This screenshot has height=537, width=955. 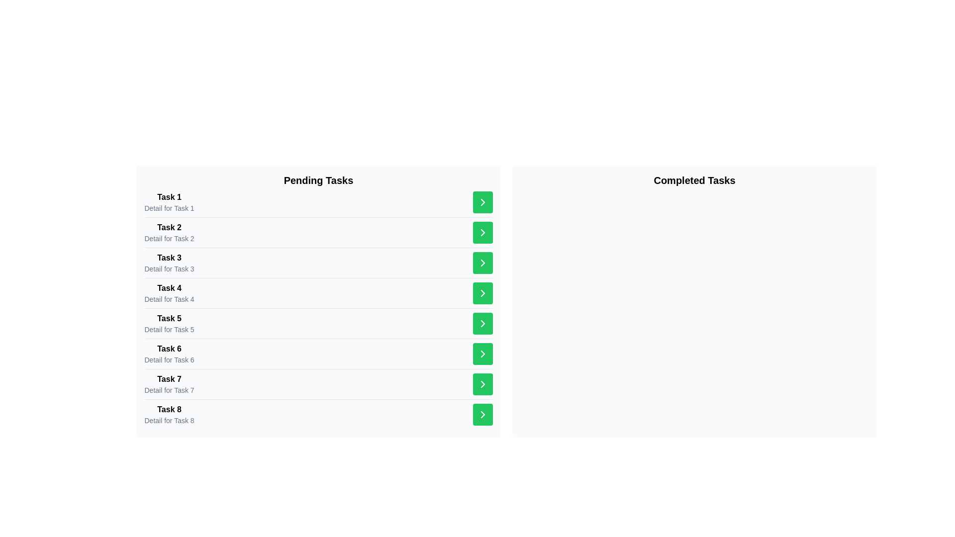 What do you see at coordinates (169, 318) in the screenshot?
I see `the text label reading 'Task 5' to focus on it, which is the first line in the 'Pending Tasks' list` at bounding box center [169, 318].